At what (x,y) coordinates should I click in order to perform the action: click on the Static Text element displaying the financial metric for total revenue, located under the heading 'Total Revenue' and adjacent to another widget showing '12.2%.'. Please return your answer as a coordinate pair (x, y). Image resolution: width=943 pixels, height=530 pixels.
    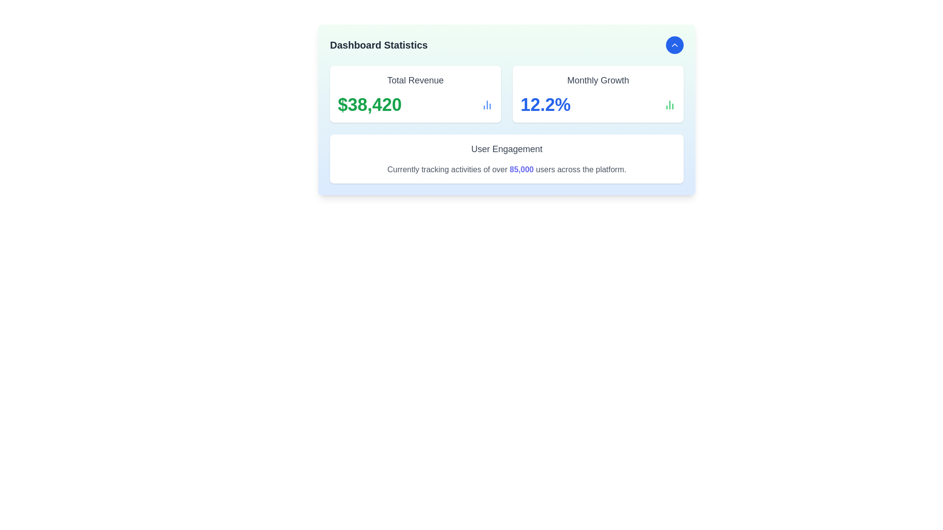
    Looking at the image, I should click on (369, 105).